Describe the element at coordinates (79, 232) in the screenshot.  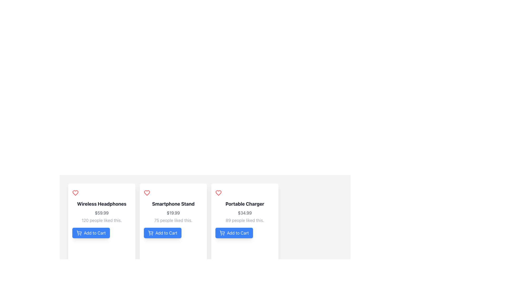
I see `the 'Add to Cart' button located under the 'Wireless Headphones' product, which contains a blue cart-shaped icon as a visual signifier` at that location.